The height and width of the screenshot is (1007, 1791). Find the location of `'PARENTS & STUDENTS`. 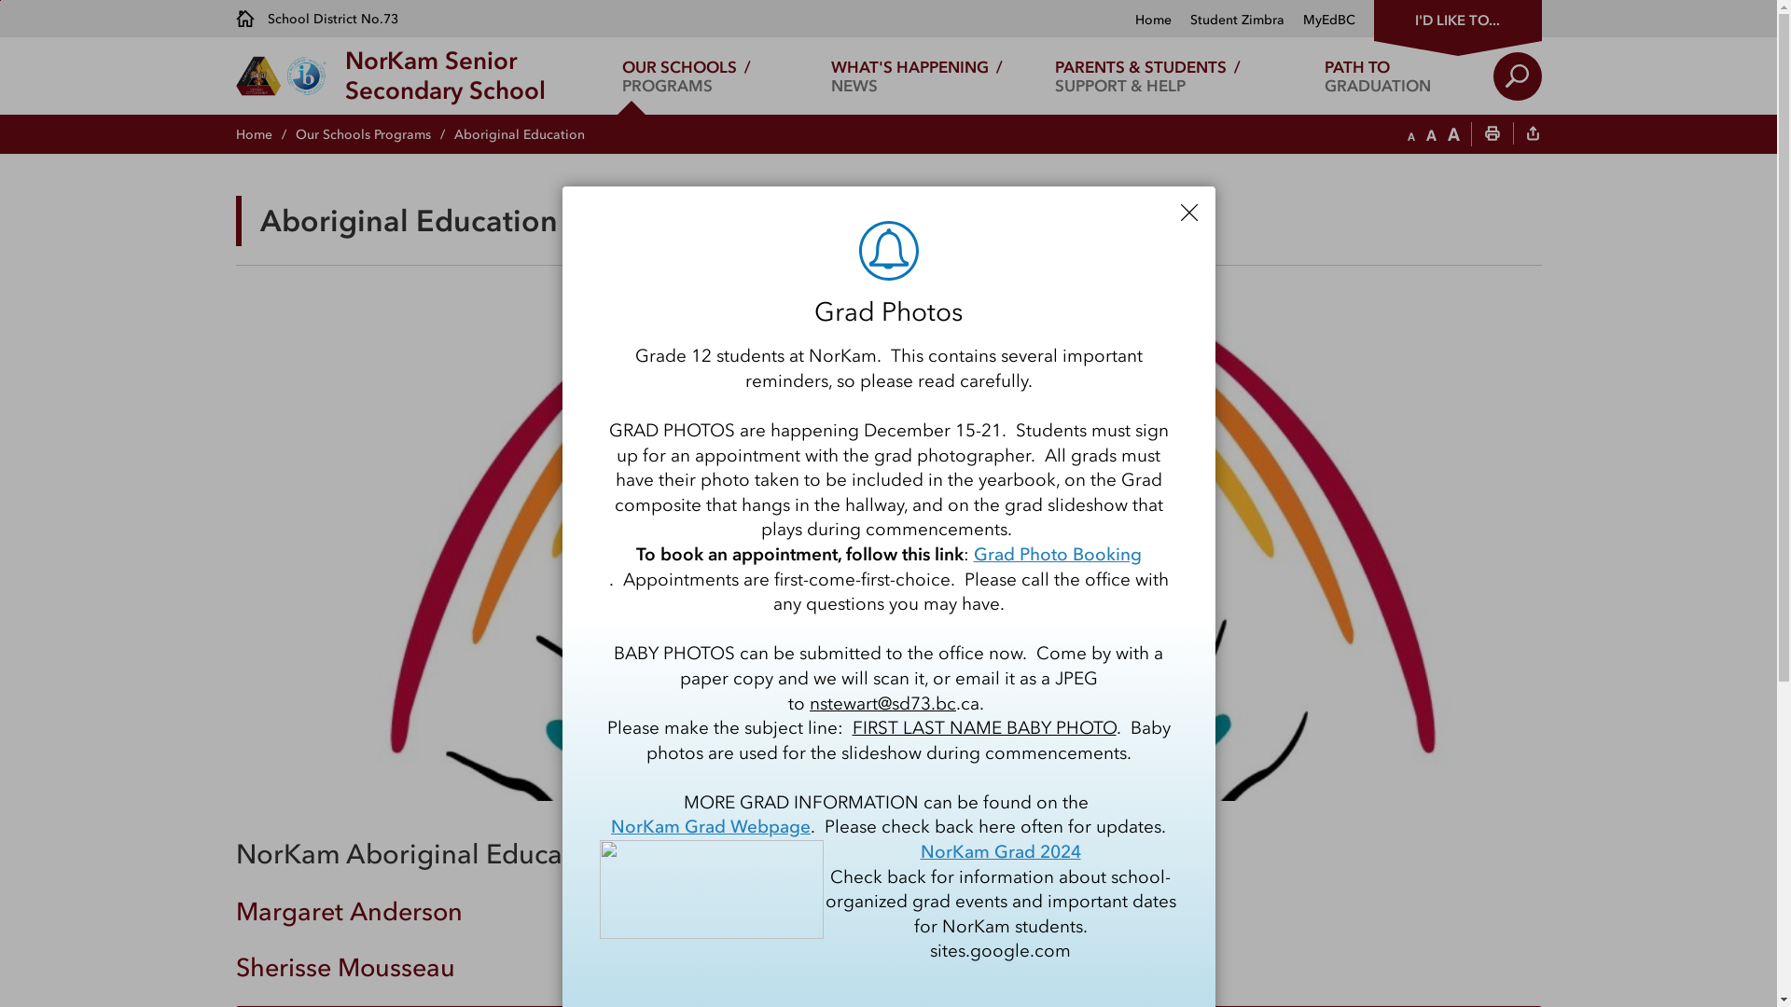

'PARENTS & STUDENTS is located at coordinates (1145, 75).